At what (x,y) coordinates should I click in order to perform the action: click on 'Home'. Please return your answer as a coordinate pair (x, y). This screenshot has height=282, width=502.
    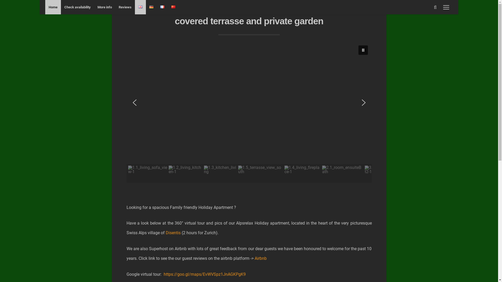
    Looking at the image, I should click on (53, 7).